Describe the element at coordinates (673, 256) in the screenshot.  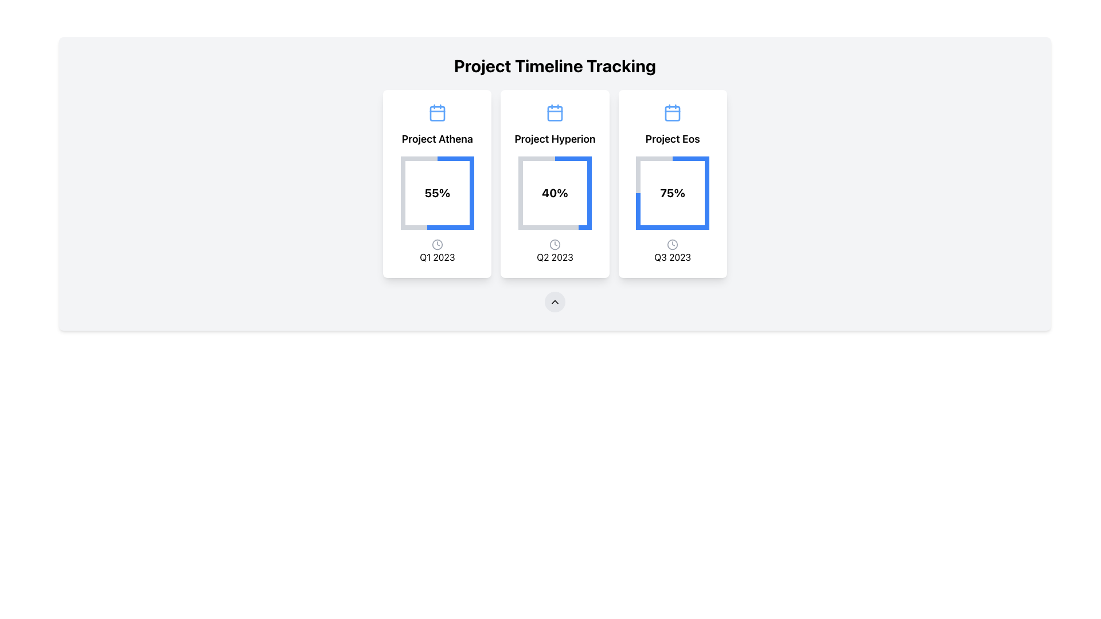
I see `text label indicating Q3 of 2023, located at the bottom center of the 'Project Eos' card, below the clock icon` at that location.